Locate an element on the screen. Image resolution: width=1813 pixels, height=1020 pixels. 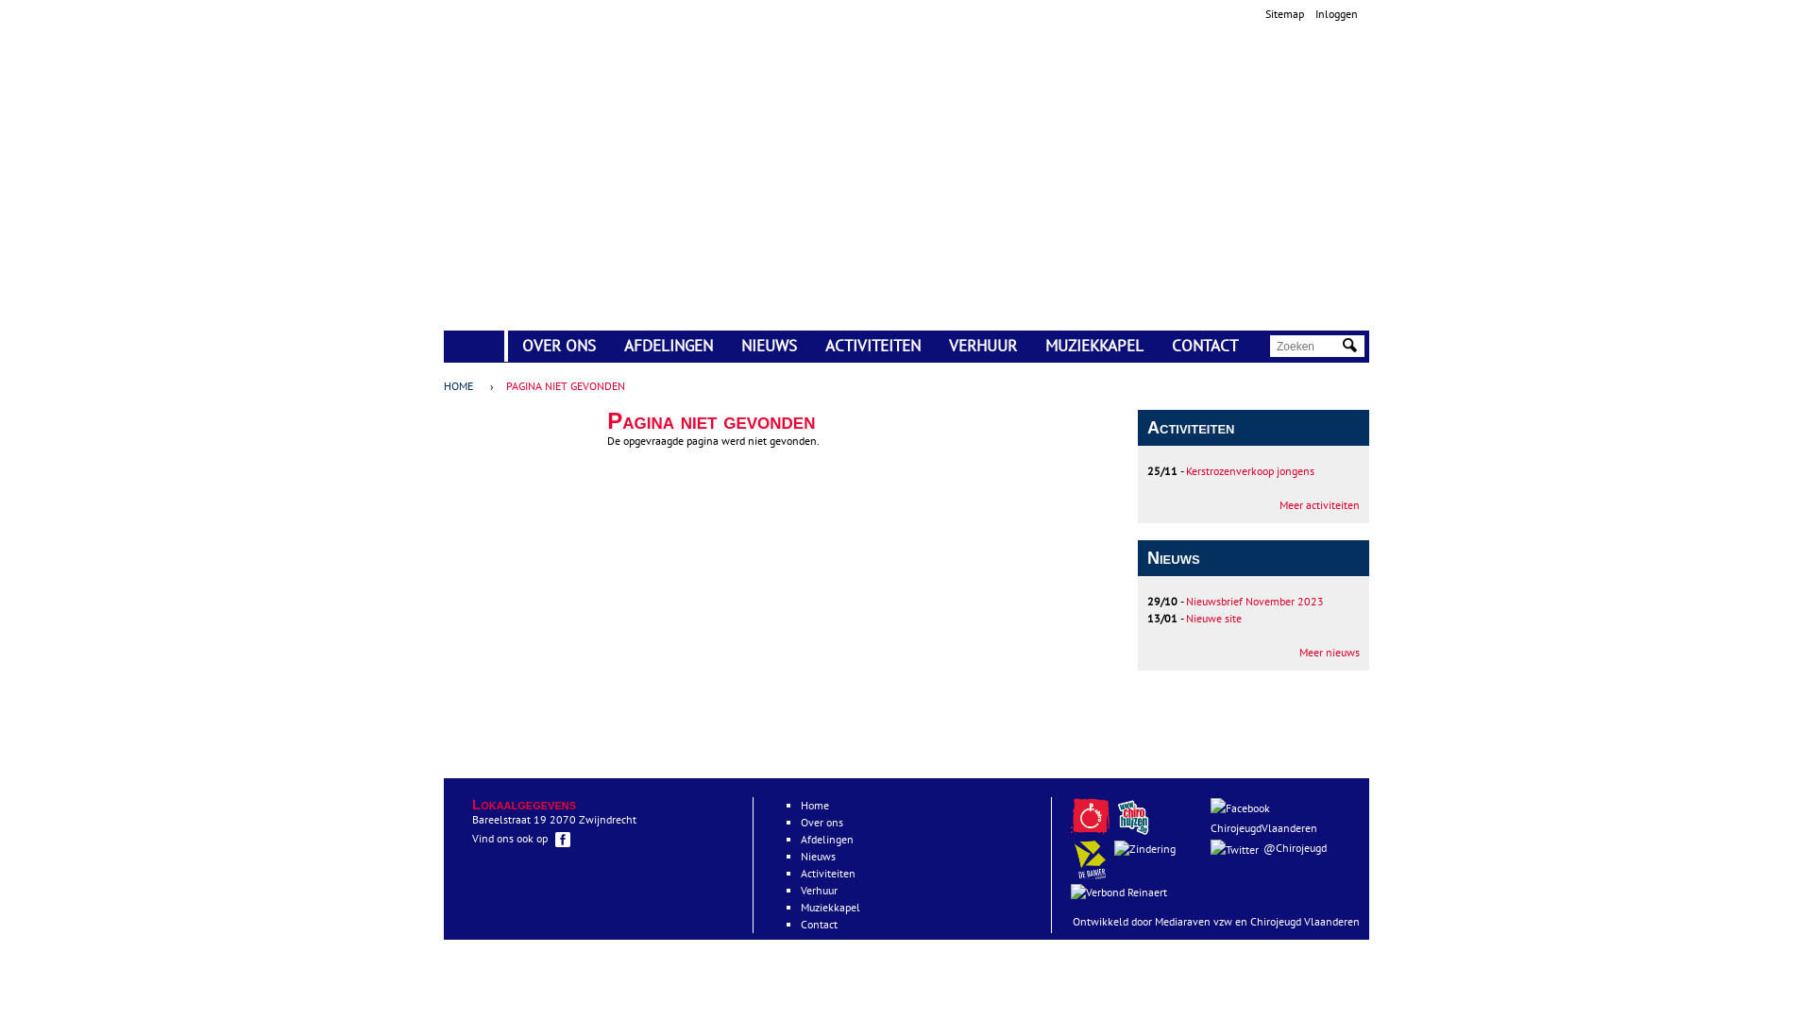
'Facebook' is located at coordinates (1240, 807).